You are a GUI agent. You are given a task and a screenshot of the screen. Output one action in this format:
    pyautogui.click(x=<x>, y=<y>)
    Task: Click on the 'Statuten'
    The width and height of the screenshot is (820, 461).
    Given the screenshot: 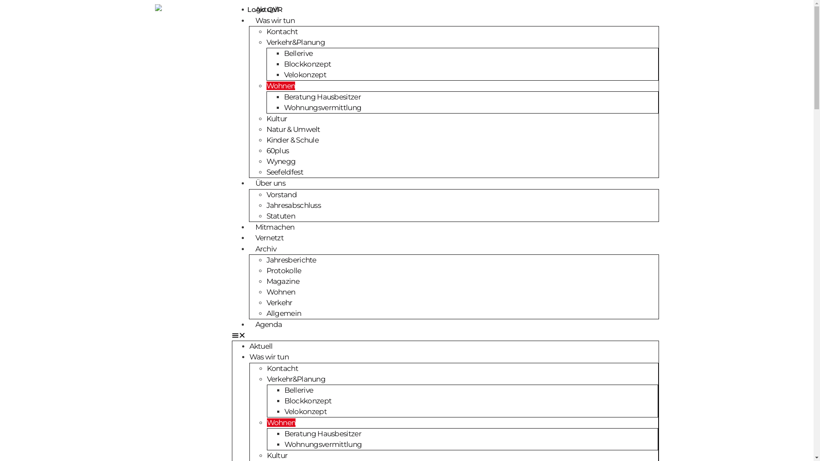 What is the action you would take?
    pyautogui.click(x=281, y=215)
    